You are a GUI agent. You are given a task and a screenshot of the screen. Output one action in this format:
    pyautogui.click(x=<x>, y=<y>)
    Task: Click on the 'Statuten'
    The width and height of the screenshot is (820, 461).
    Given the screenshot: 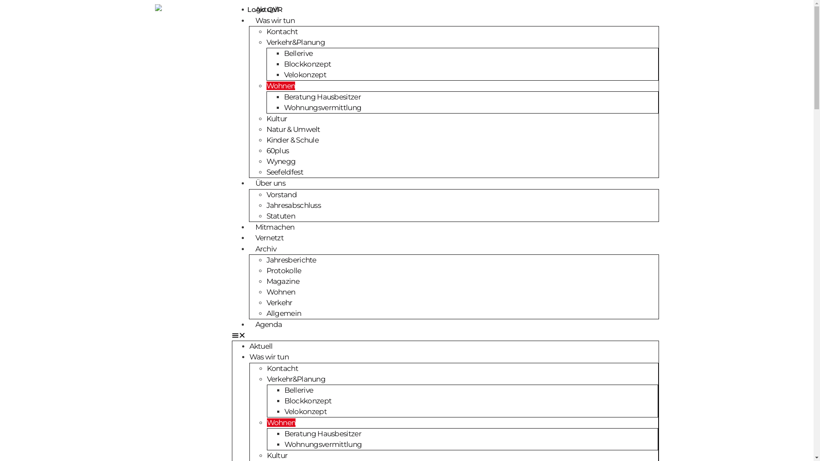 What is the action you would take?
    pyautogui.click(x=281, y=215)
    